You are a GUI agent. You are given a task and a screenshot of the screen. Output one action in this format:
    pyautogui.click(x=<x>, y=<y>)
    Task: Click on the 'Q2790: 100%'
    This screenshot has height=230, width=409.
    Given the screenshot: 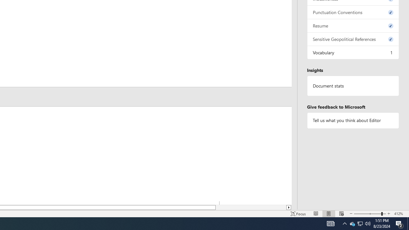 What is the action you would take?
    pyautogui.click(x=368, y=223)
    